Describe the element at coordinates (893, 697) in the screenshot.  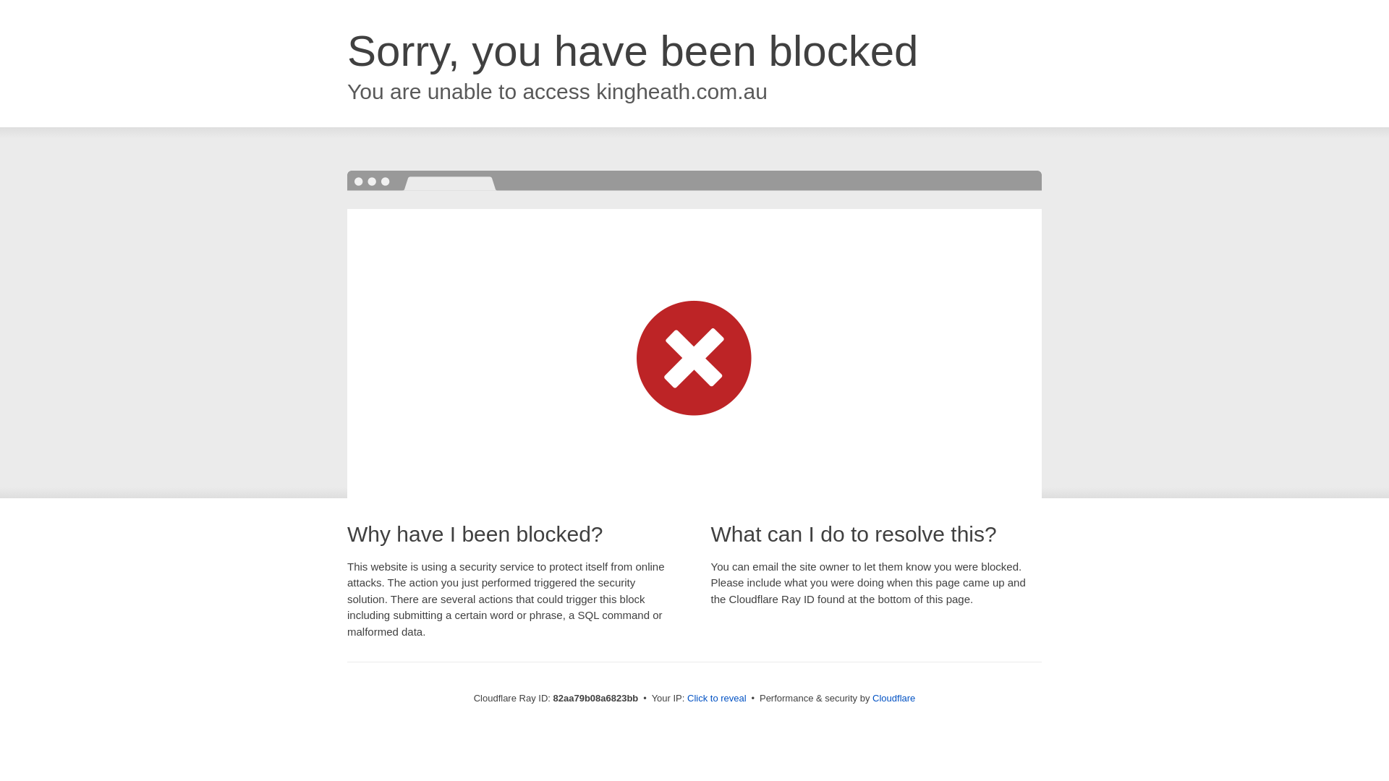
I see `'Cloudflare'` at that location.